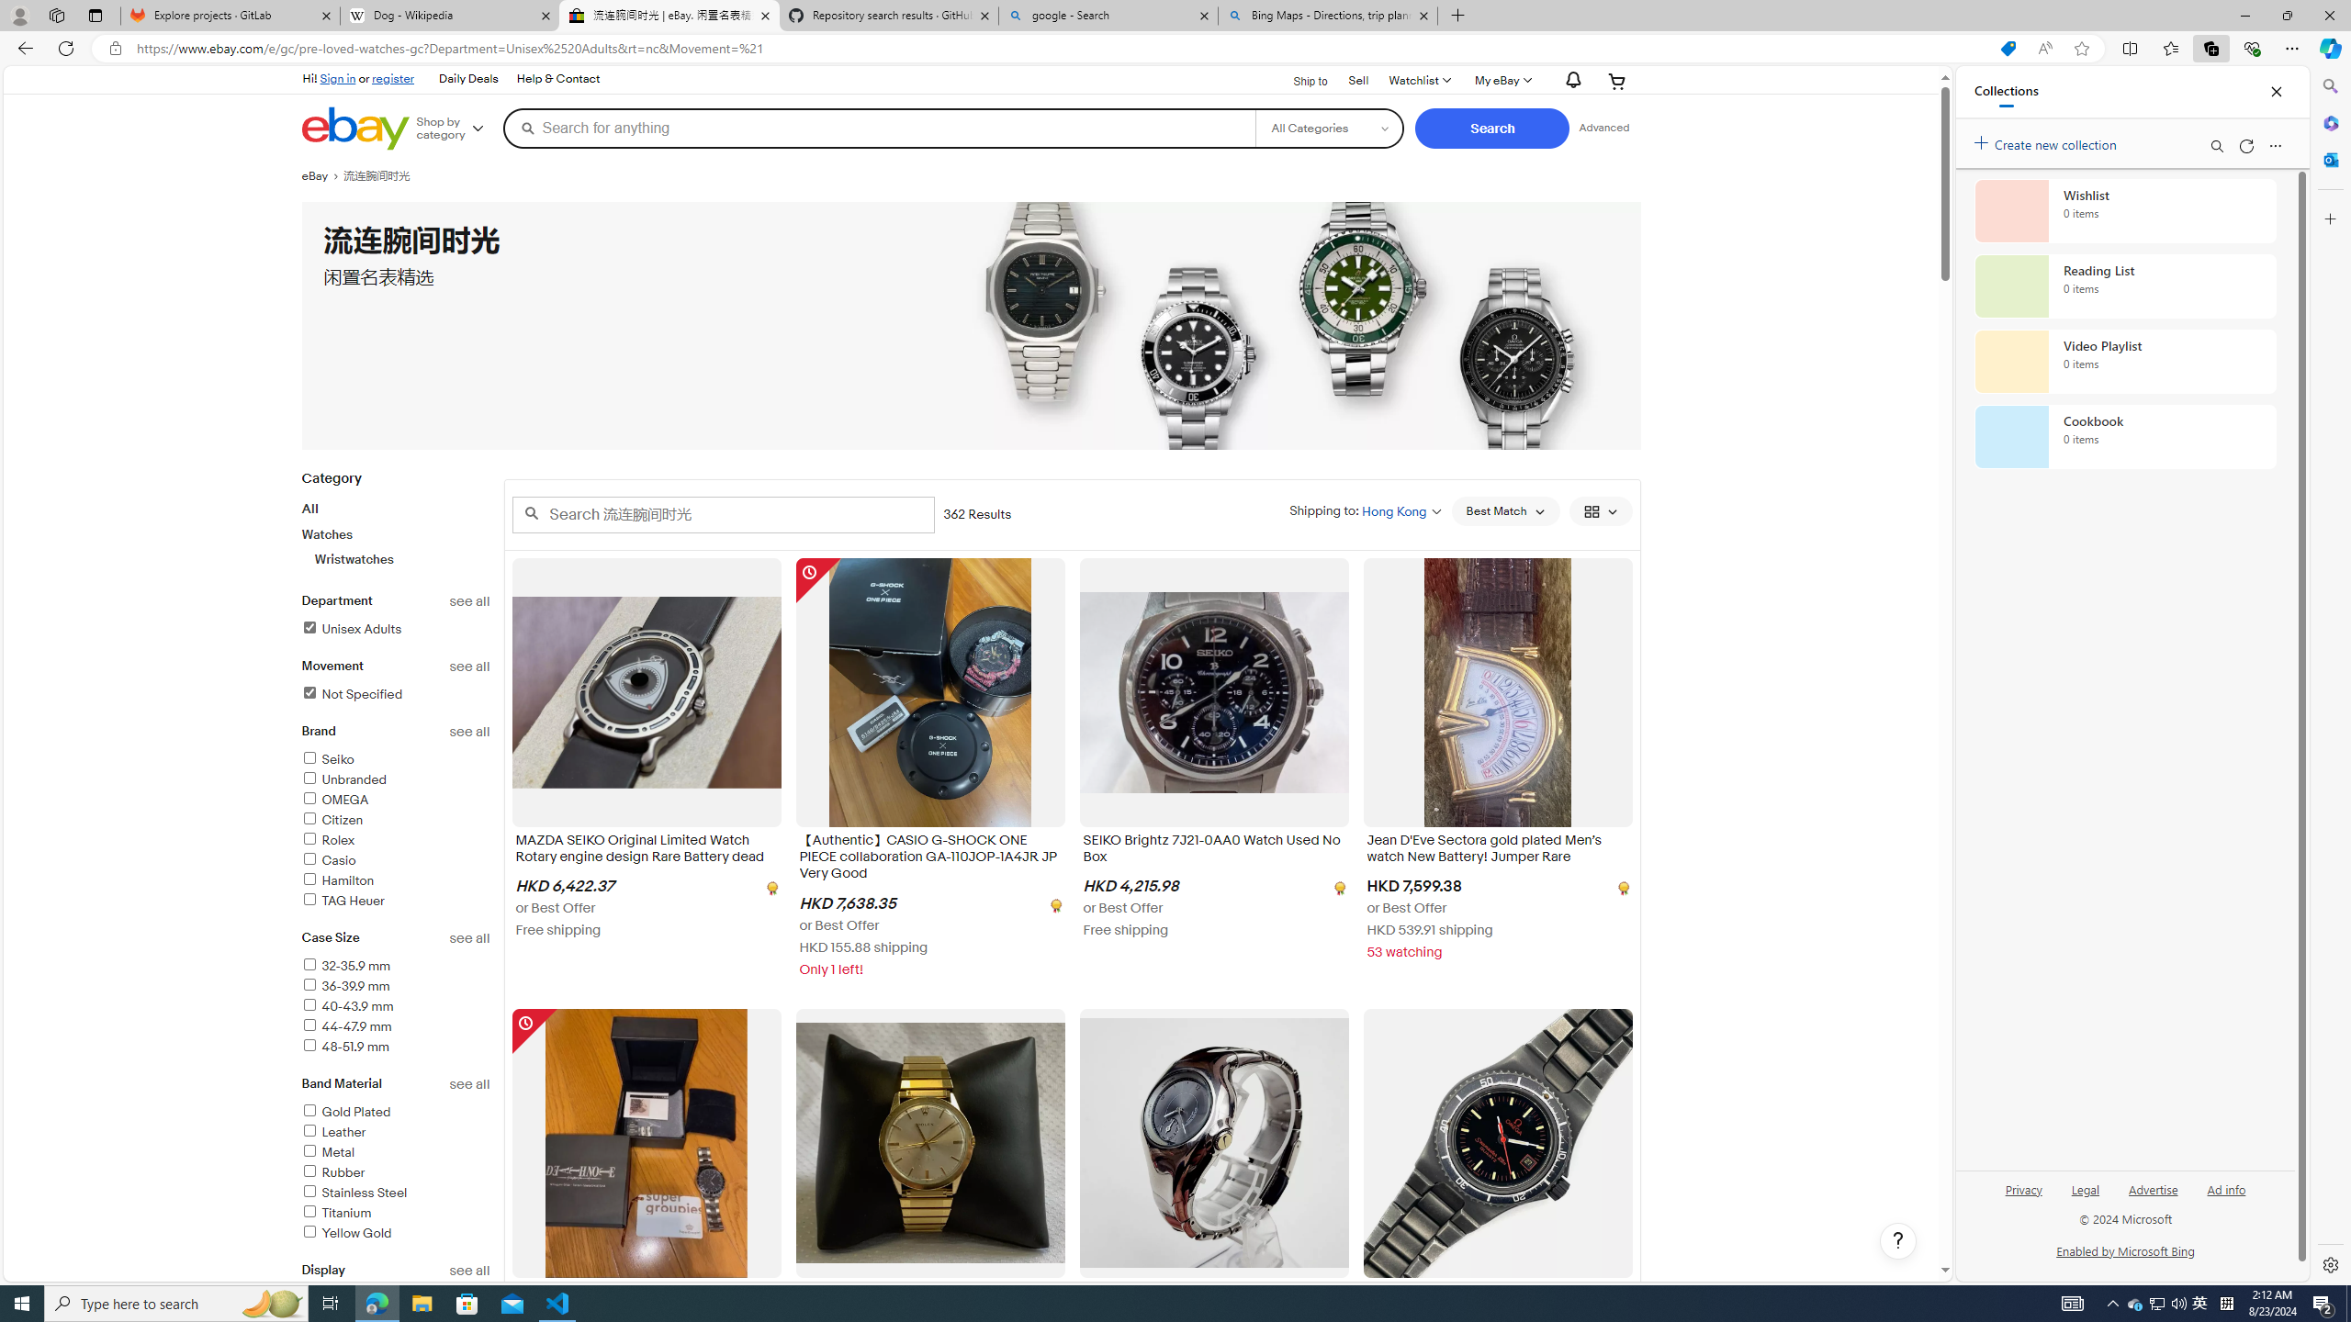 The height and width of the screenshot is (1322, 2351). What do you see at coordinates (329, 860) in the screenshot?
I see `'Casio'` at bounding box center [329, 860].